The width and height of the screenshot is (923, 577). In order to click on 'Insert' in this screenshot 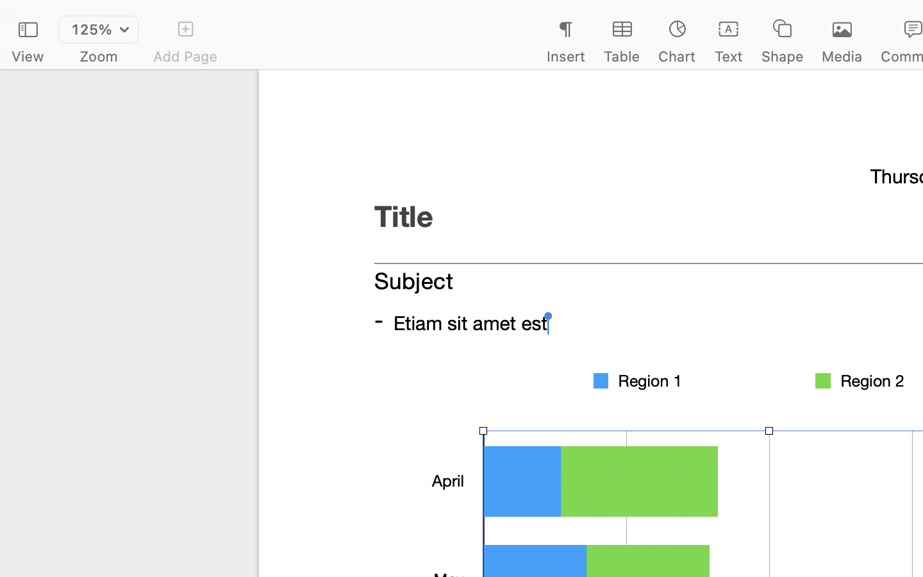, I will do `click(565, 56)`.